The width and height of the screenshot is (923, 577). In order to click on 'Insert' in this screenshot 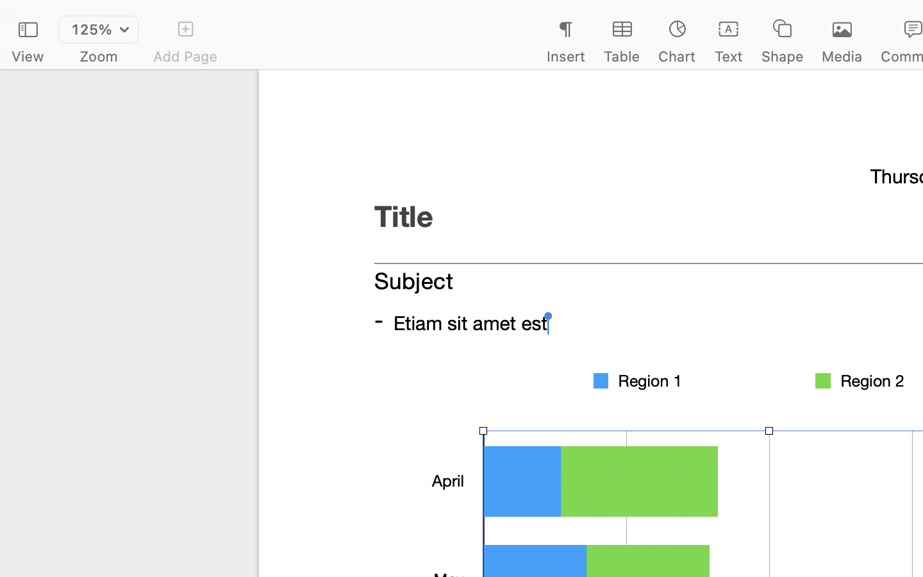, I will do `click(565, 56)`.